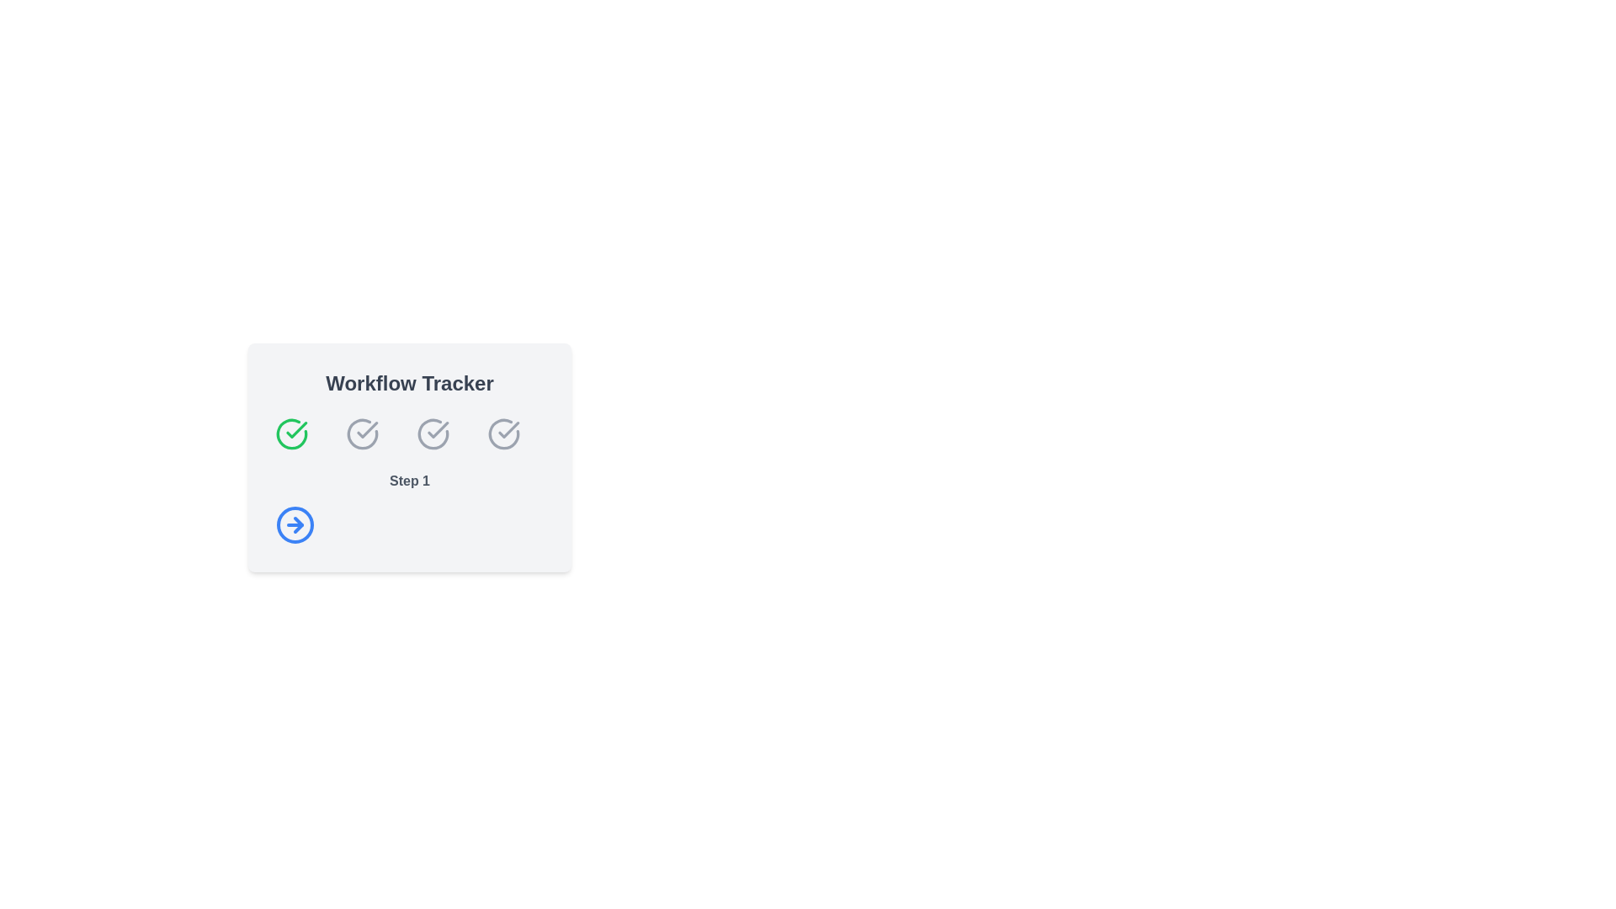 This screenshot has height=909, width=1616. I want to click on the circular gray icon with a checkmark inside, located in the 'Workflow Tracker' box, so click(362, 433).